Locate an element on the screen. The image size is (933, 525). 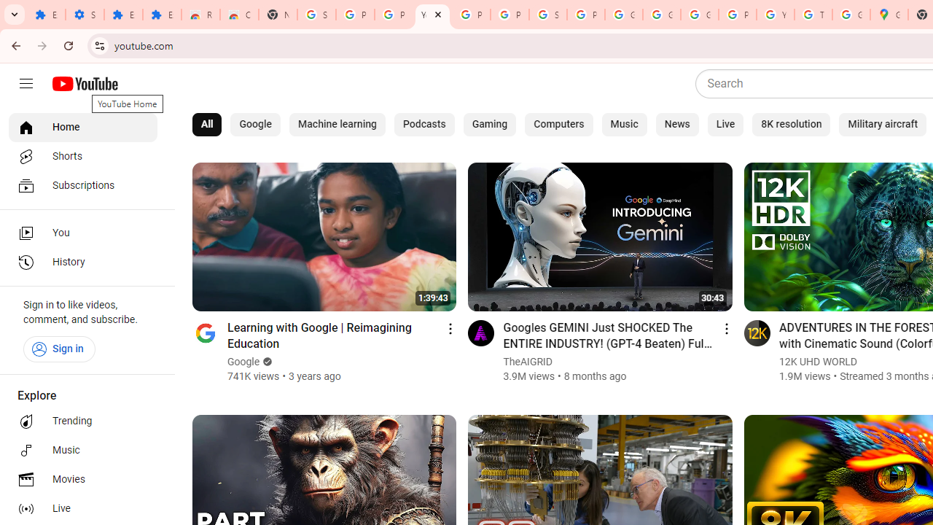
'Reviews: Helix Fruit Jump Arcade Game' is located at coordinates (200, 15).